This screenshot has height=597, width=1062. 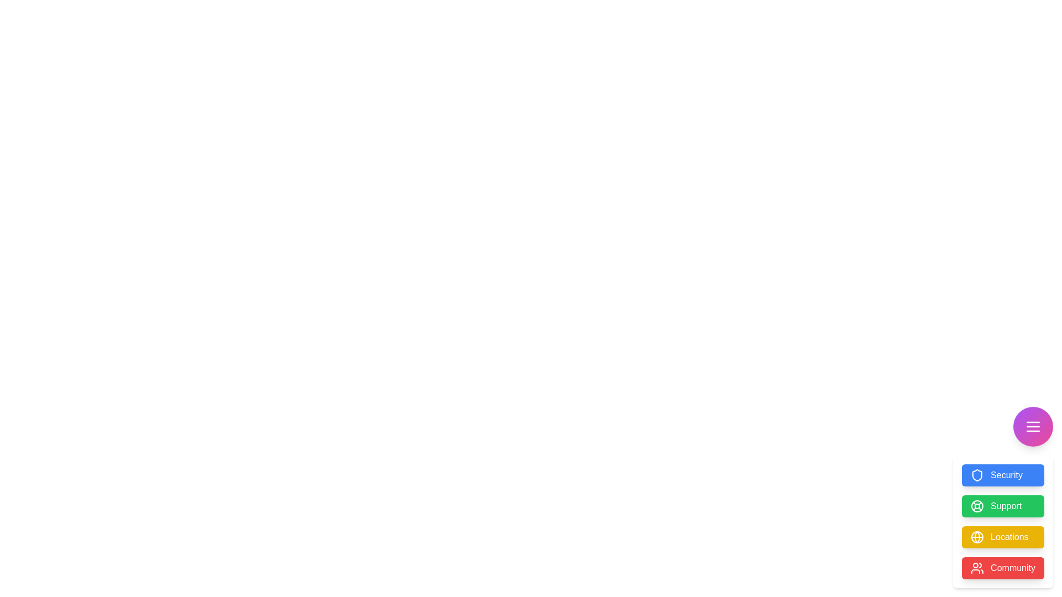 I want to click on the support button located below the 'Security' button and above the 'Locations' button in the vertical stack, so click(x=1006, y=506).